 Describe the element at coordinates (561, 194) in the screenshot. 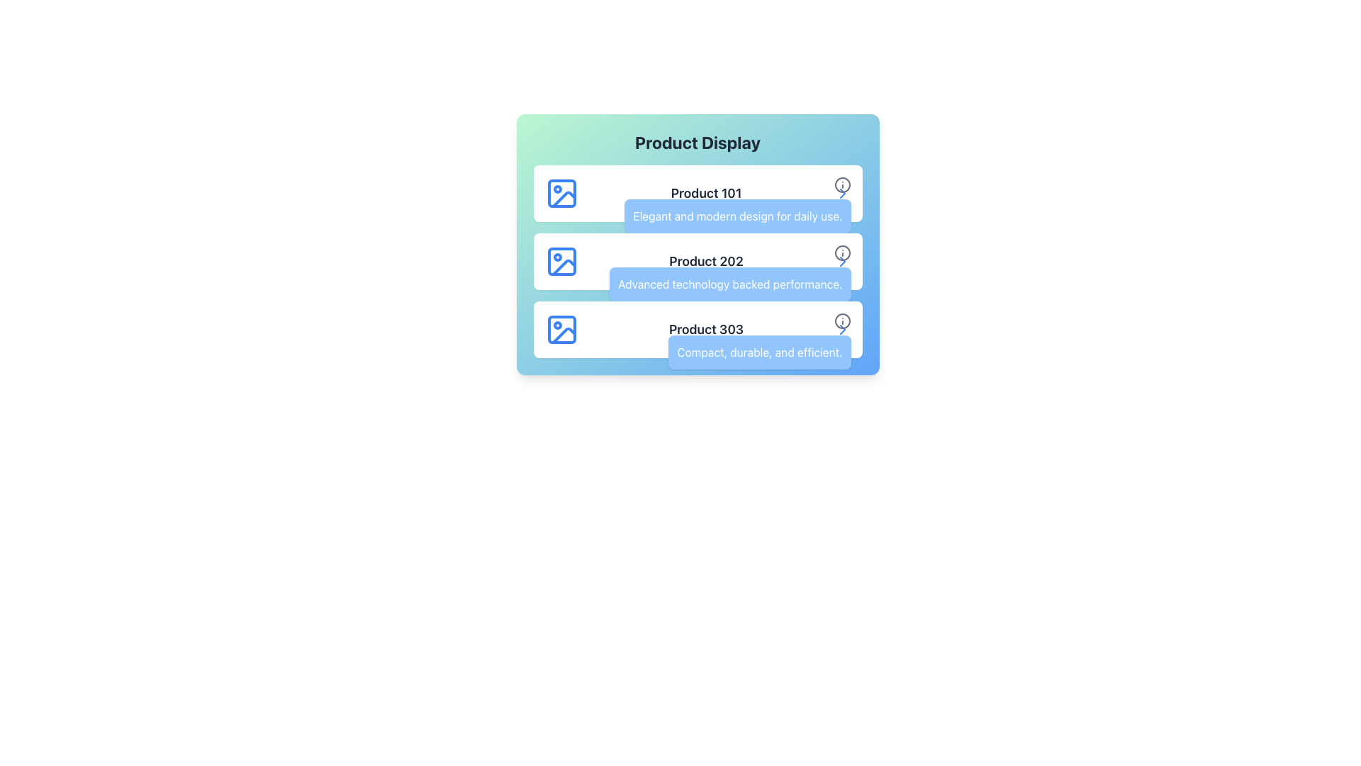

I see `the prominent rectangular Icon Part at the top-left of the 'Product 101' entry in the 'Product Display' section` at that location.